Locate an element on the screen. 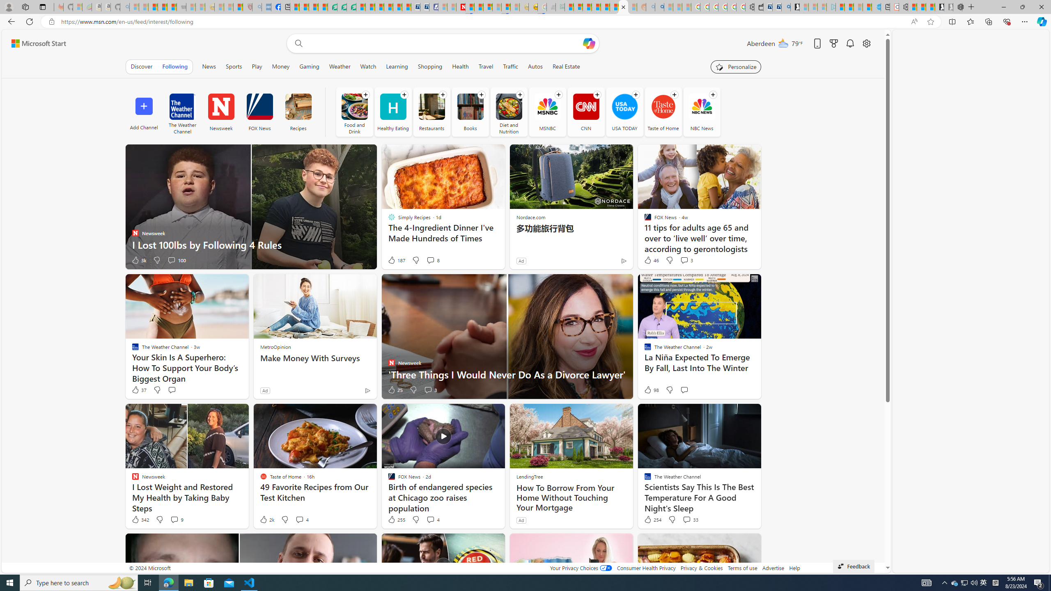 Image resolution: width=1051 pixels, height=591 pixels. 'Diet and Nutrition' is located at coordinates (509, 106).